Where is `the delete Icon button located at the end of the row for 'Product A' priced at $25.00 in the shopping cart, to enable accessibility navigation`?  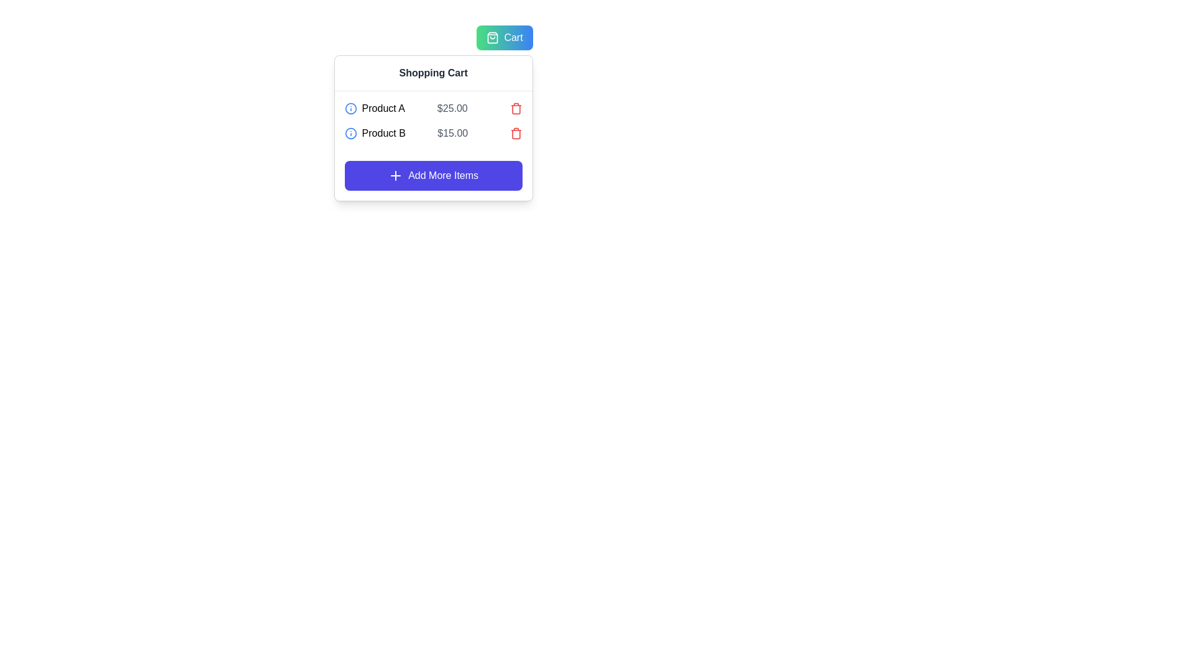 the delete Icon button located at the end of the row for 'Product A' priced at $25.00 in the shopping cart, to enable accessibility navigation is located at coordinates (516, 107).